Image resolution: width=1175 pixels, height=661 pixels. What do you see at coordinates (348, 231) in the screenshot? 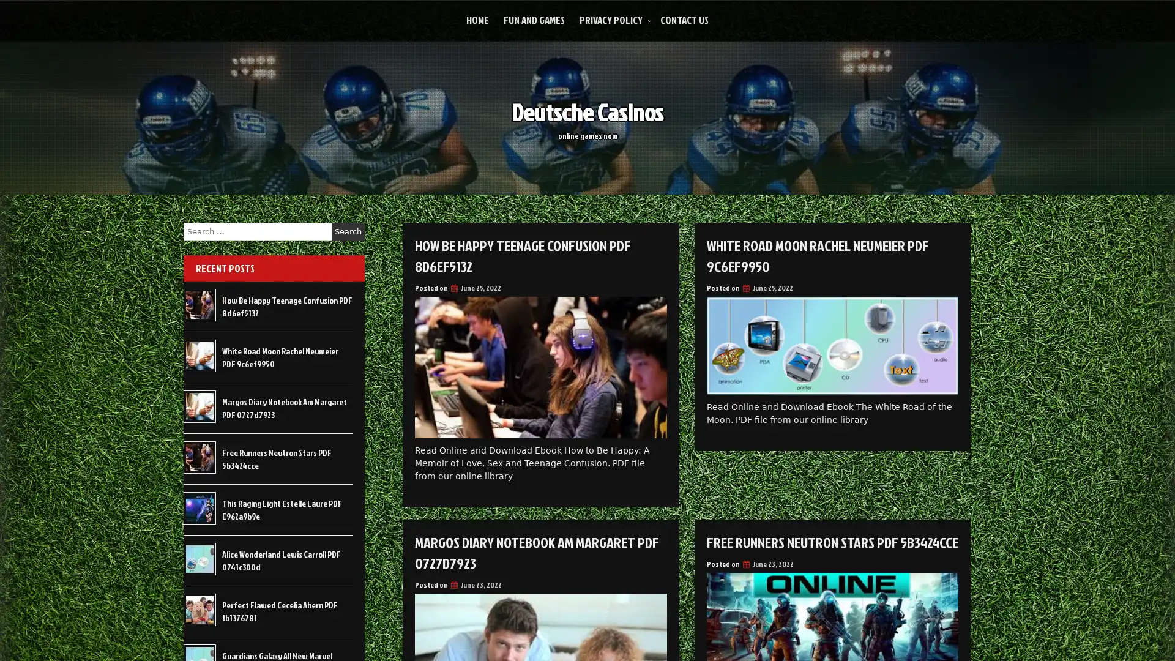
I see `Search` at bounding box center [348, 231].